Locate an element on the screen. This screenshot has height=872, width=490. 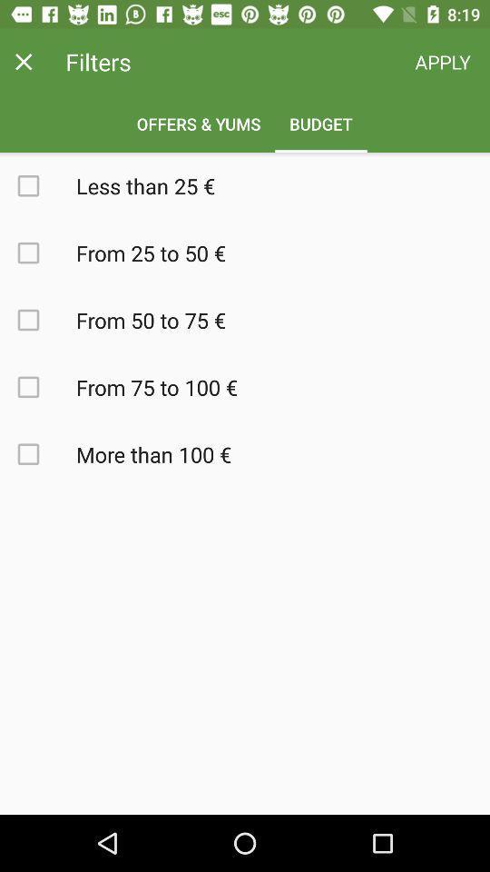
mark to choose this filter is located at coordinates (38, 320).